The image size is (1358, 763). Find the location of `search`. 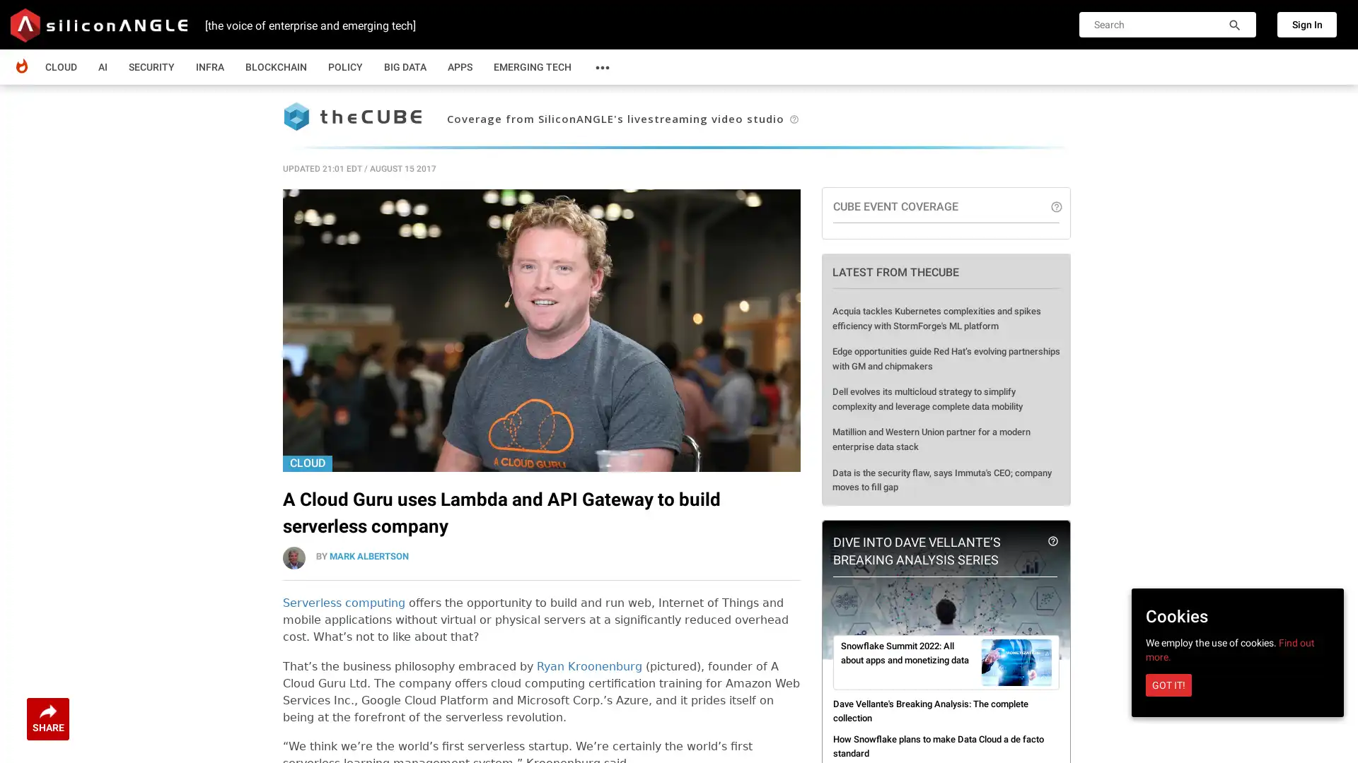

search is located at coordinates (1234, 27).